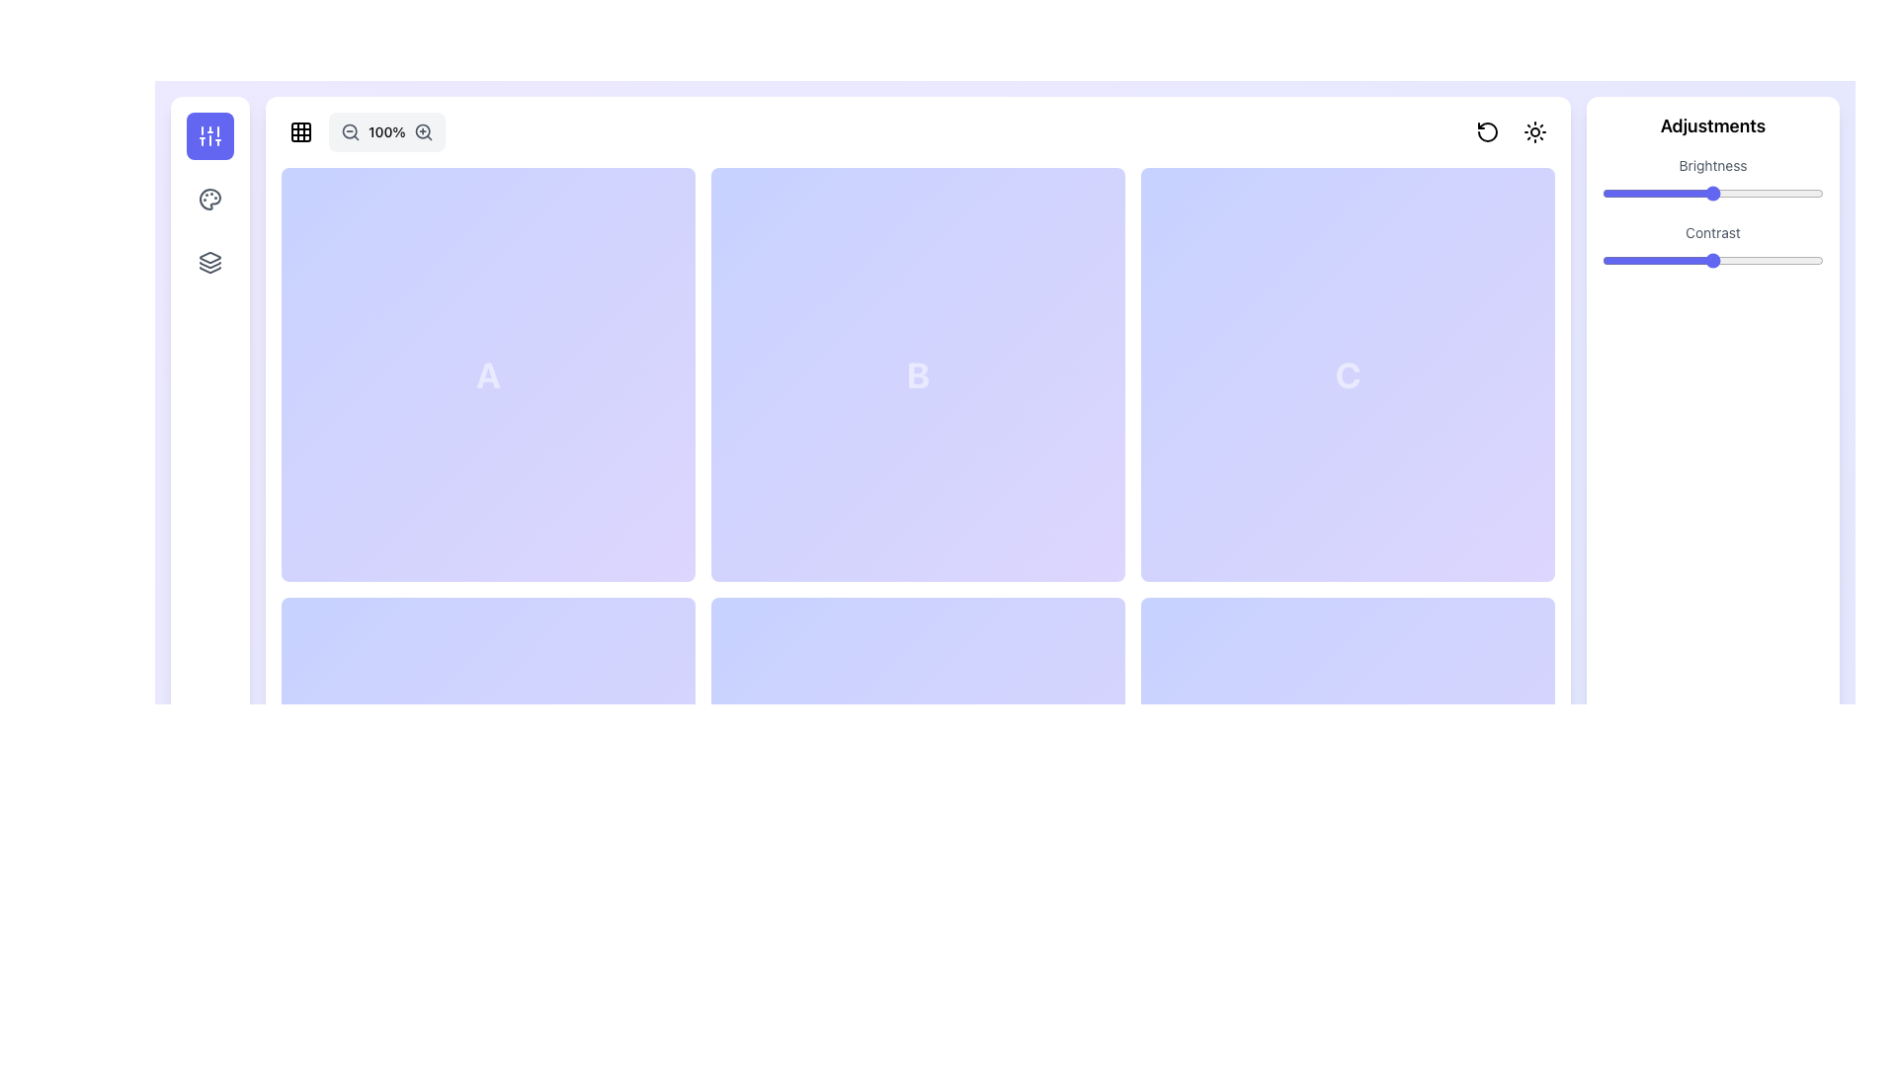 The height and width of the screenshot is (1067, 1897). Describe the element at coordinates (1694, 194) in the screenshot. I see `the brightness level` at that location.